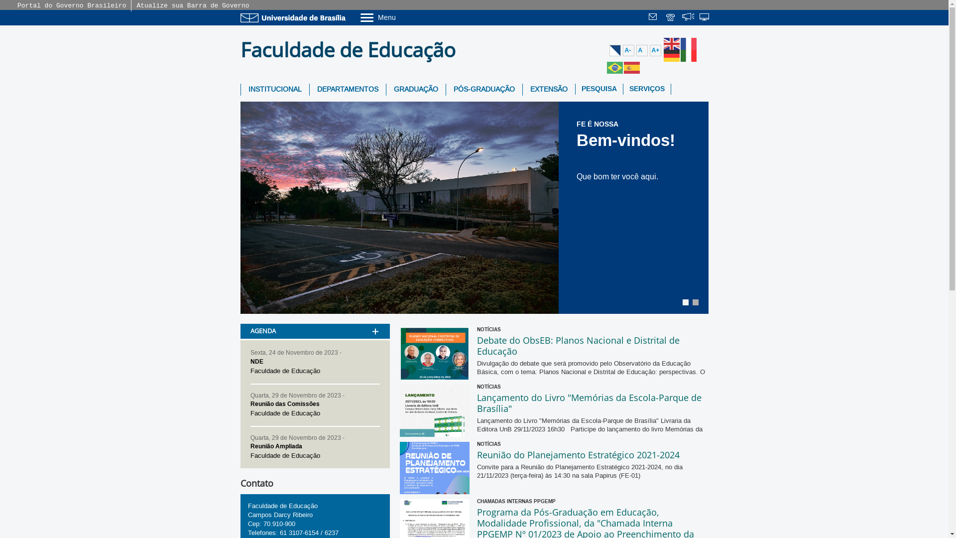 Image resolution: width=956 pixels, height=538 pixels. Describe the element at coordinates (625, 140) in the screenshot. I see `'Bem-vindos!'` at that location.